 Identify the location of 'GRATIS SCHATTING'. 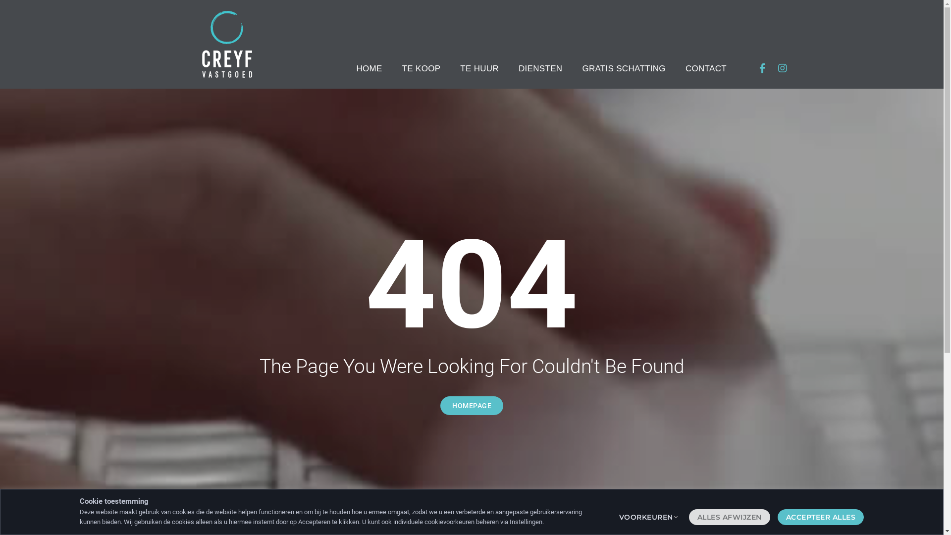
(623, 68).